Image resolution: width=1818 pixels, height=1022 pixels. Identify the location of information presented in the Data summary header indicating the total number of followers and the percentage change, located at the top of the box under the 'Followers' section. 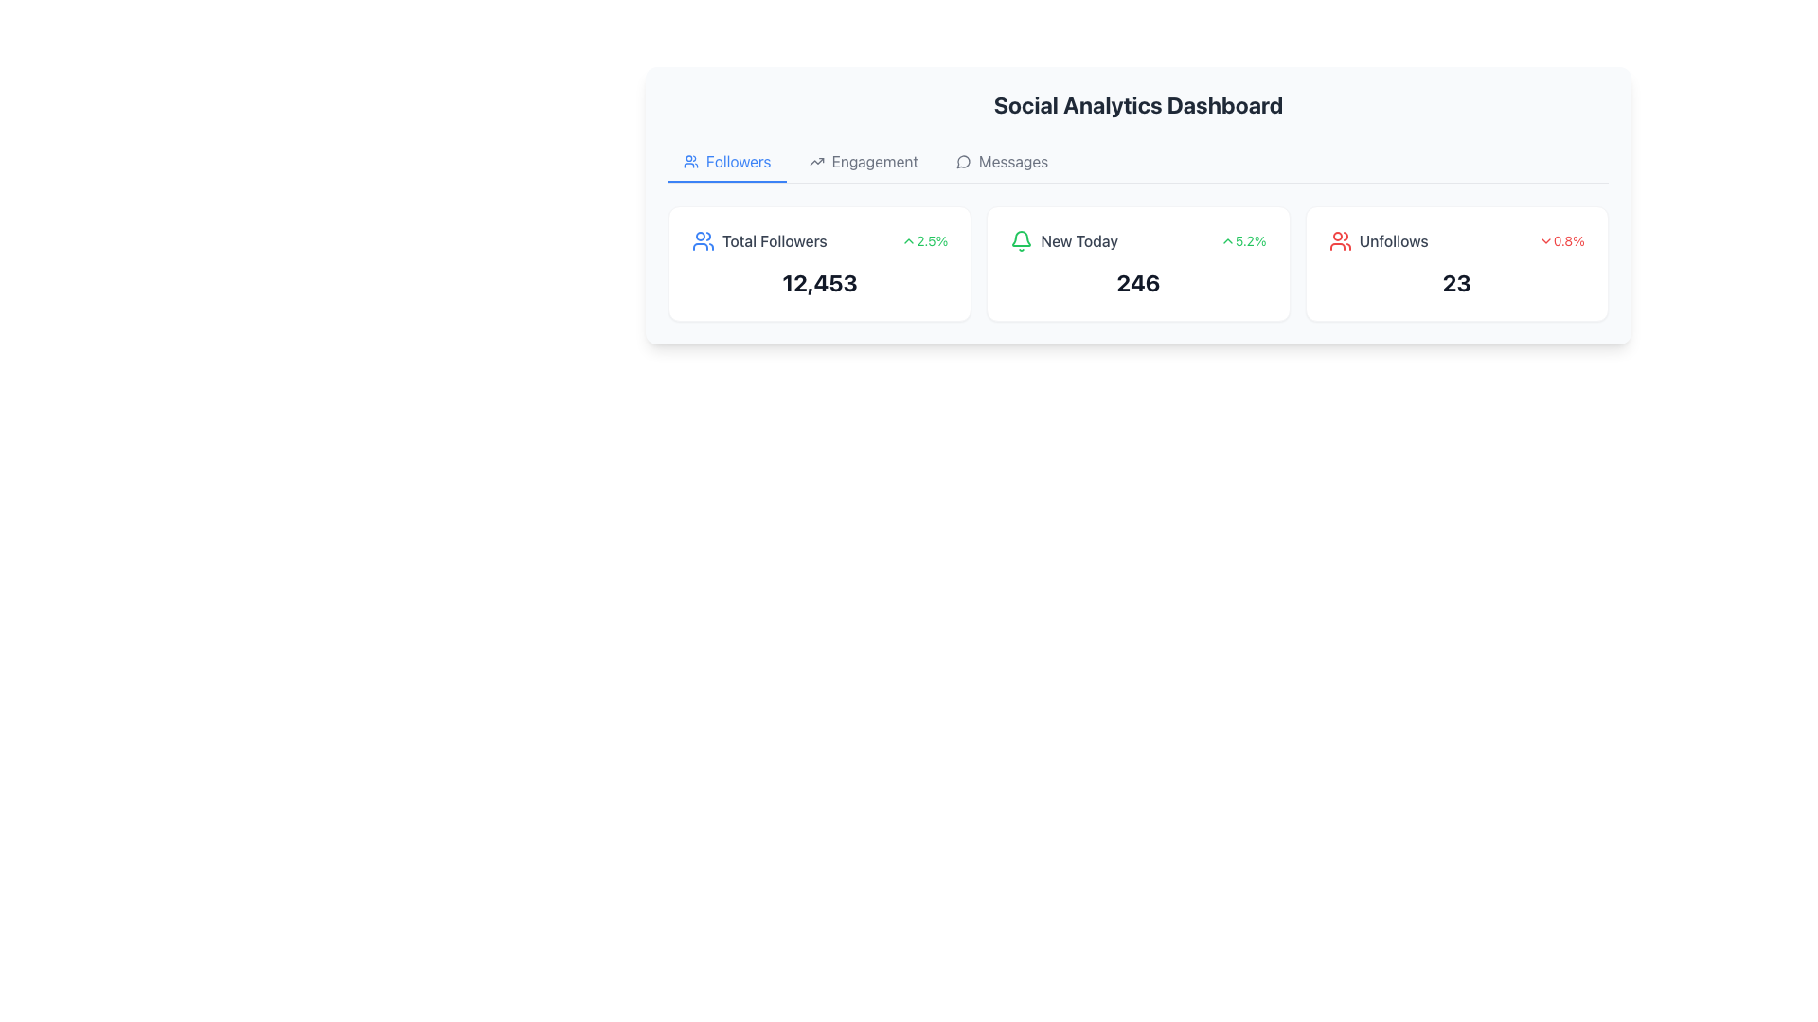
(820, 239).